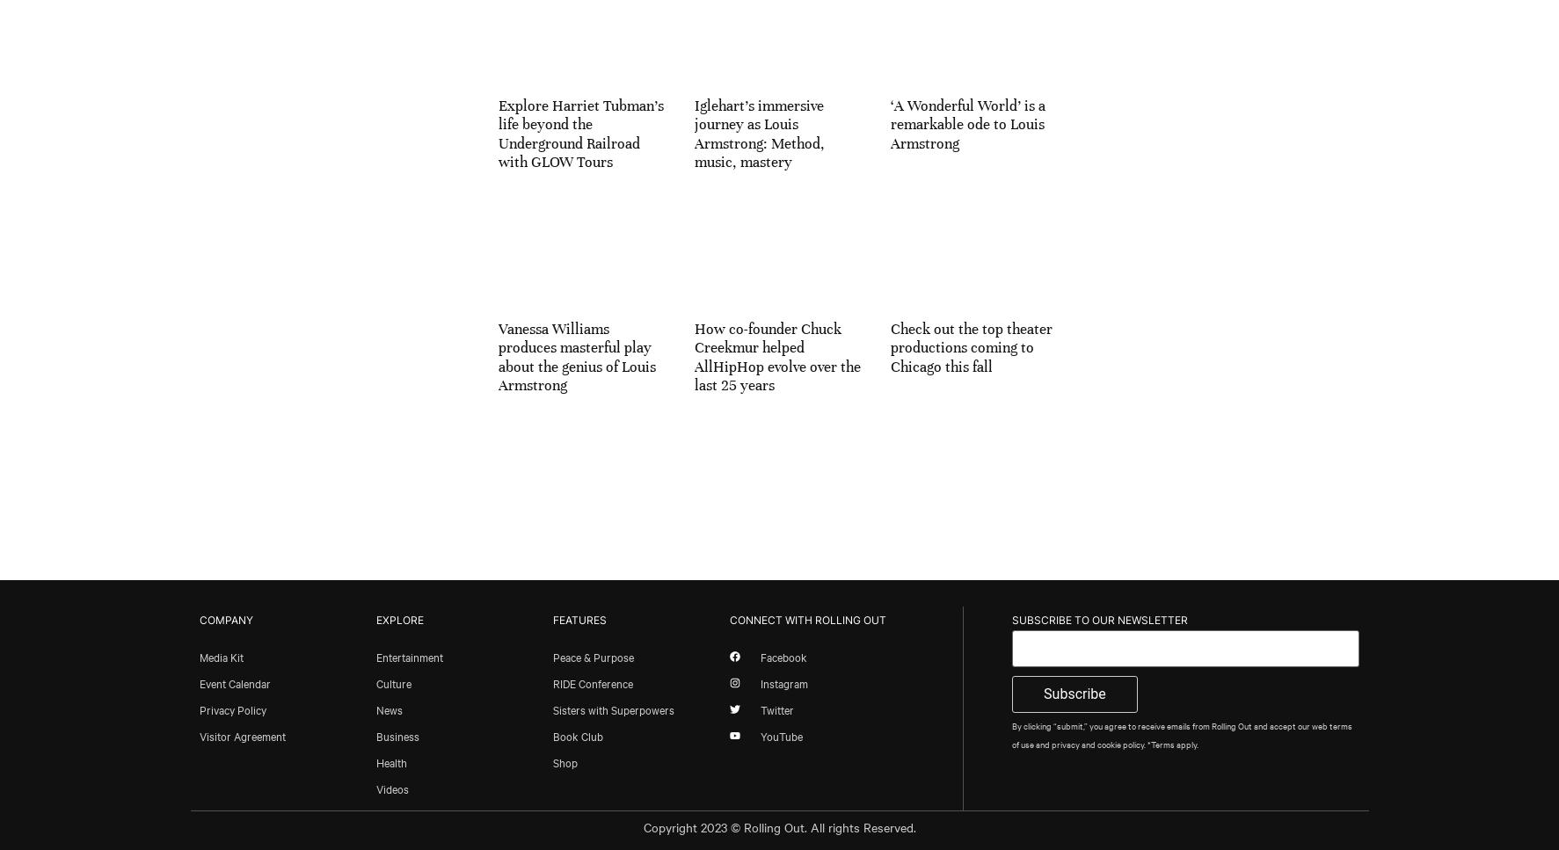  I want to click on 'Subscribe', so click(1073, 692).